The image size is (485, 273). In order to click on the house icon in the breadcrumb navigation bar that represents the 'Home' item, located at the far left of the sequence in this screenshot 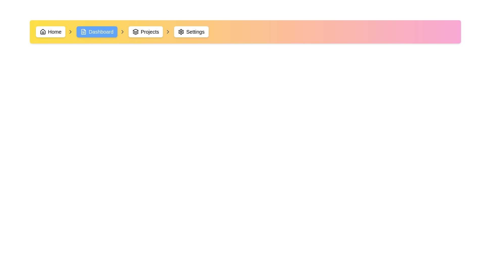, I will do `click(43, 33)`.